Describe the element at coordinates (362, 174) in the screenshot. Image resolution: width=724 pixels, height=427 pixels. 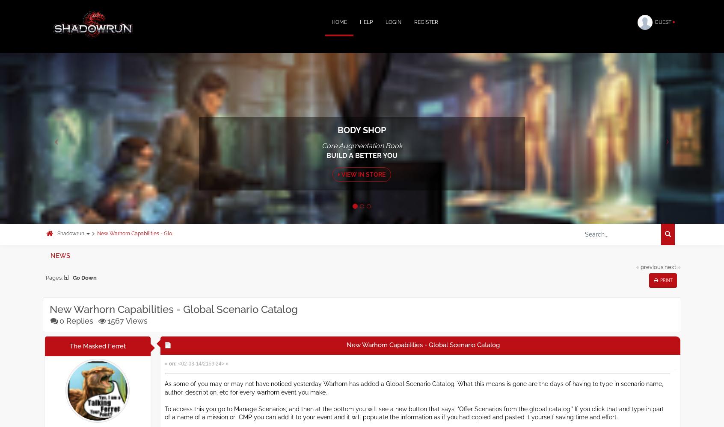
I see `'VIEW IN STORE'` at that location.